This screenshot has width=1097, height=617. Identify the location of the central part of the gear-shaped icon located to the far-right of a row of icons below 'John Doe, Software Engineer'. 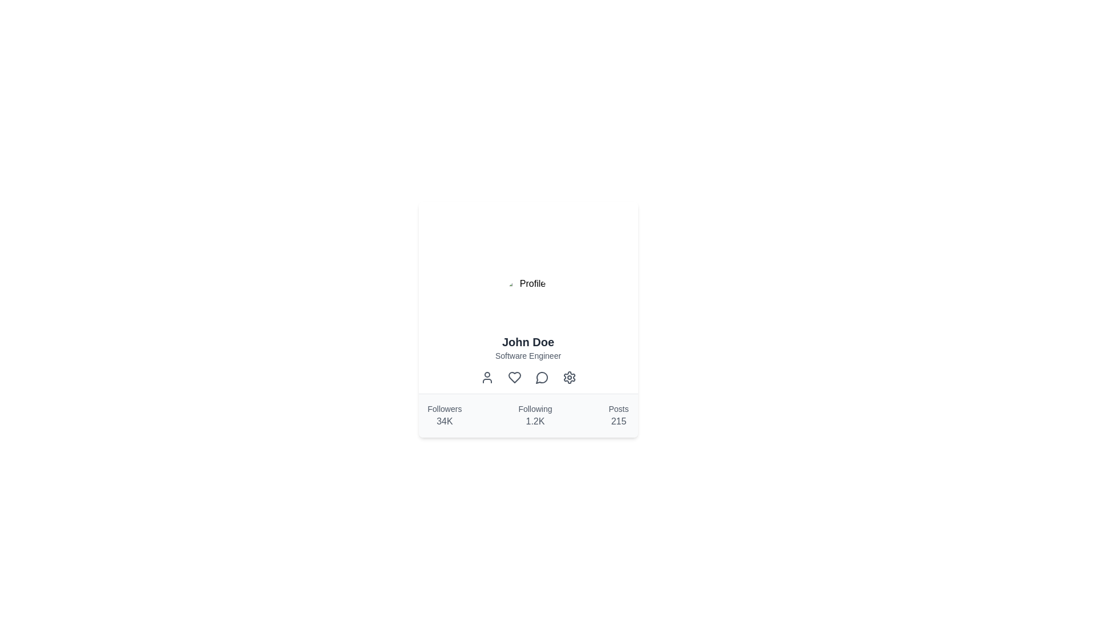
(569, 377).